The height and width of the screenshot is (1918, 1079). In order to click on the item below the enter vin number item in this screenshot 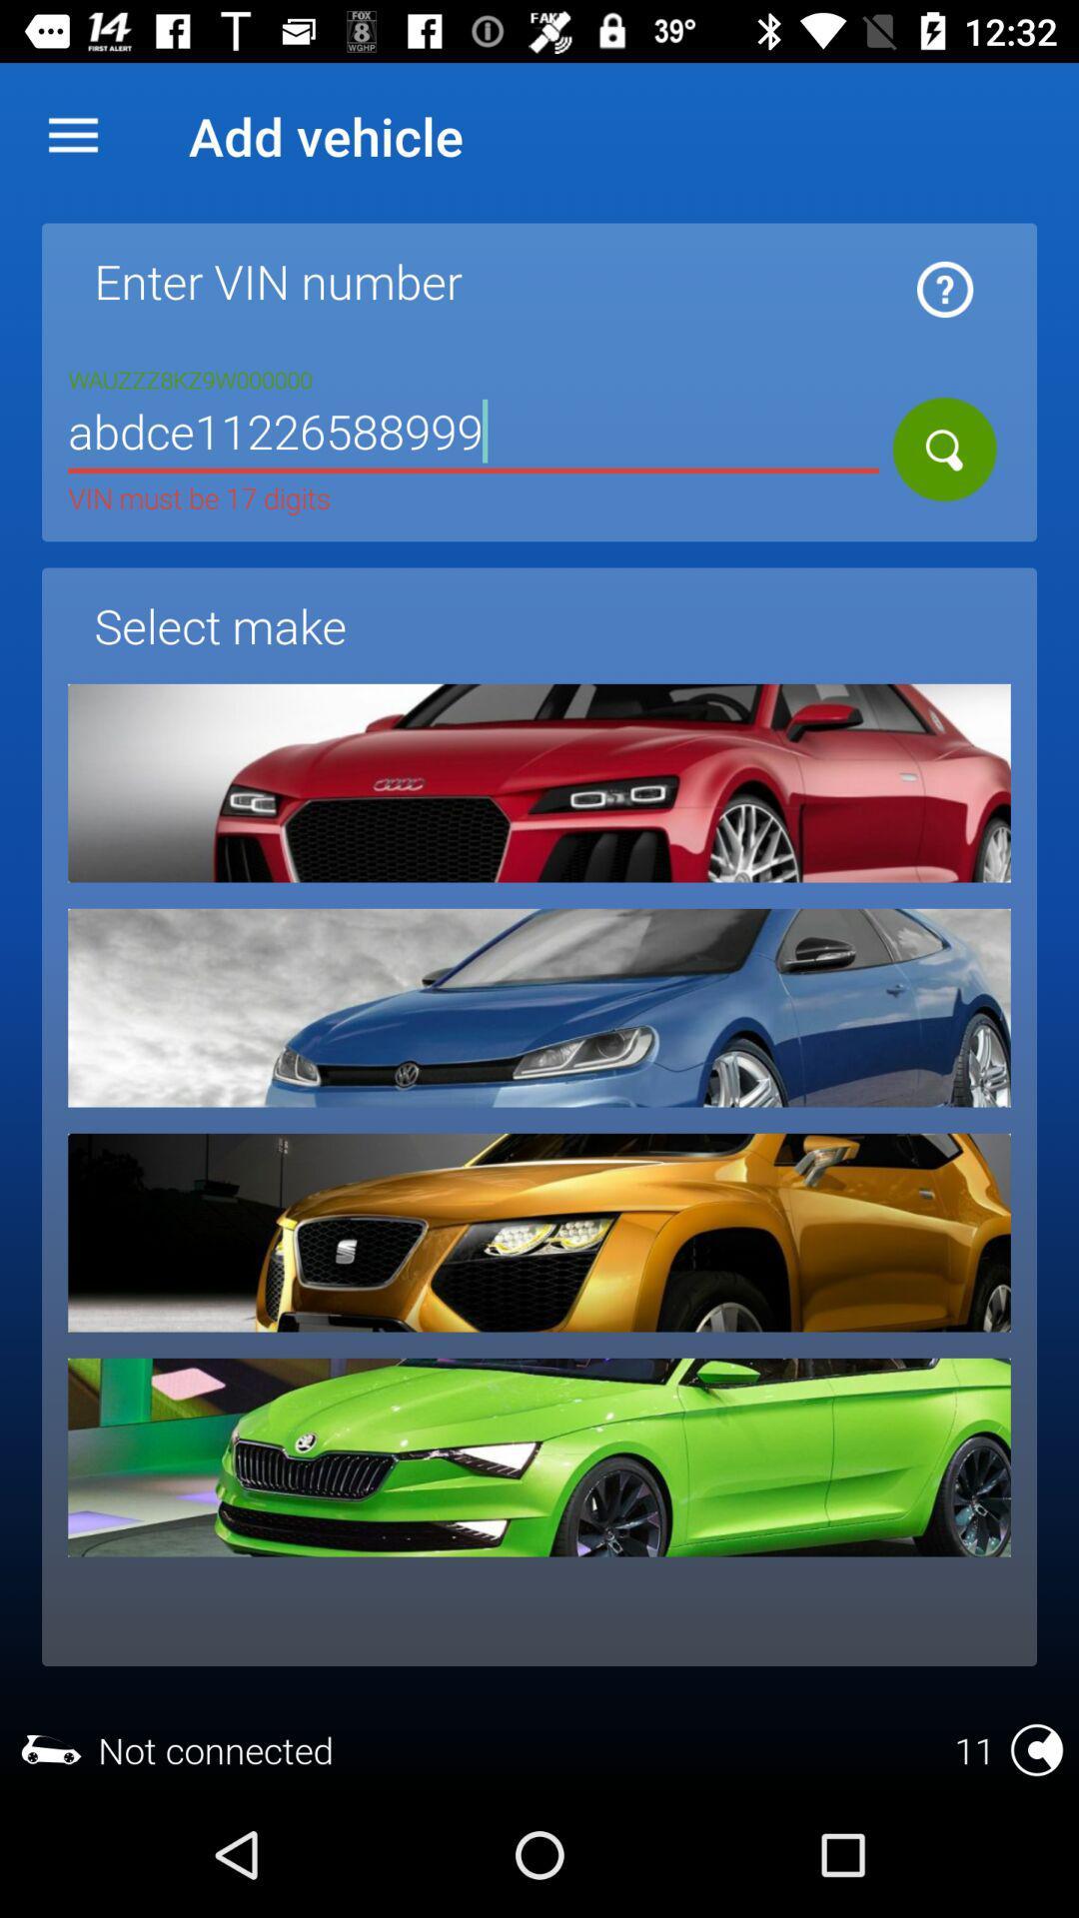, I will do `click(474, 434)`.